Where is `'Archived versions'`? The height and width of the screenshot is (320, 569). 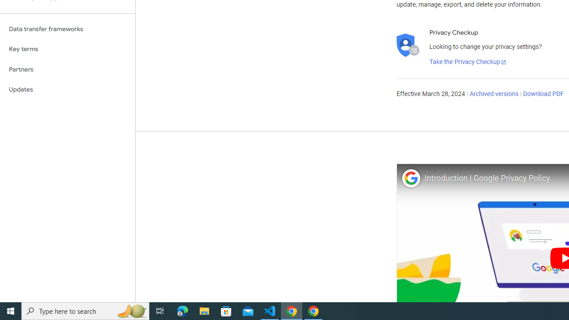
'Archived versions' is located at coordinates (493, 94).